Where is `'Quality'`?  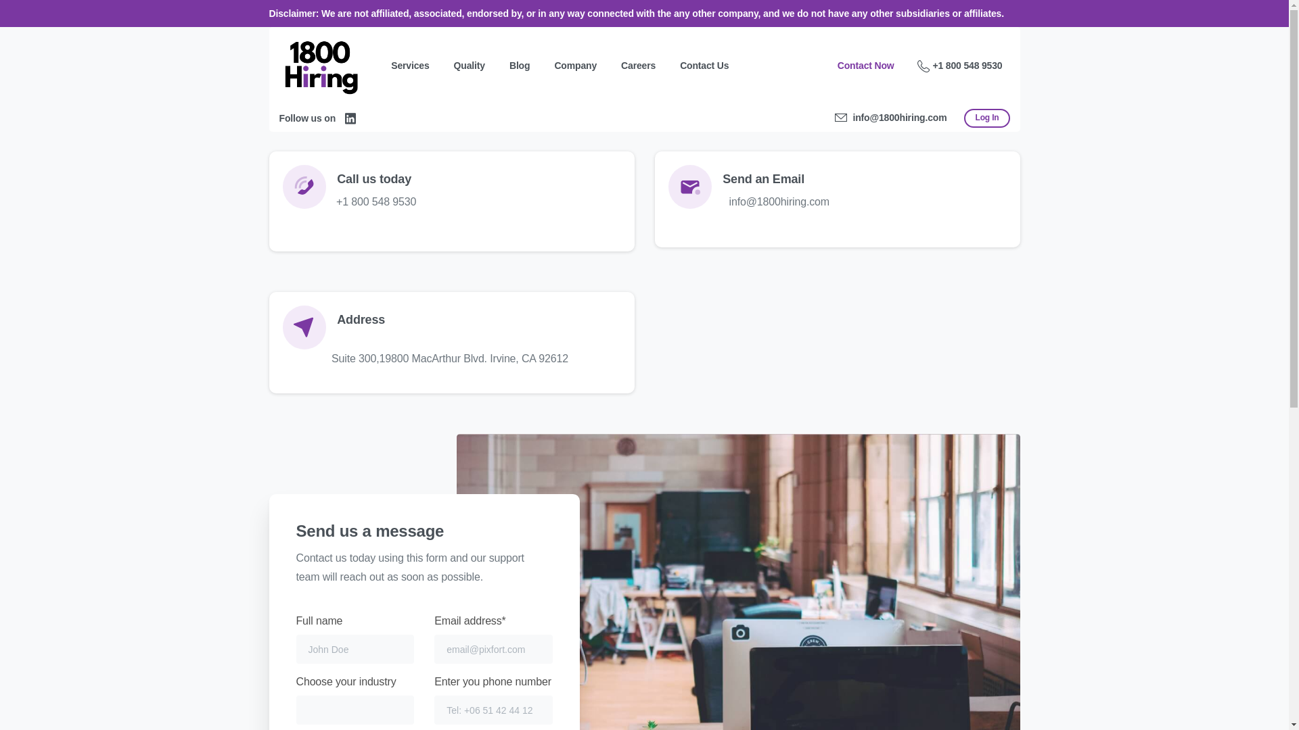
'Quality' is located at coordinates (470, 66).